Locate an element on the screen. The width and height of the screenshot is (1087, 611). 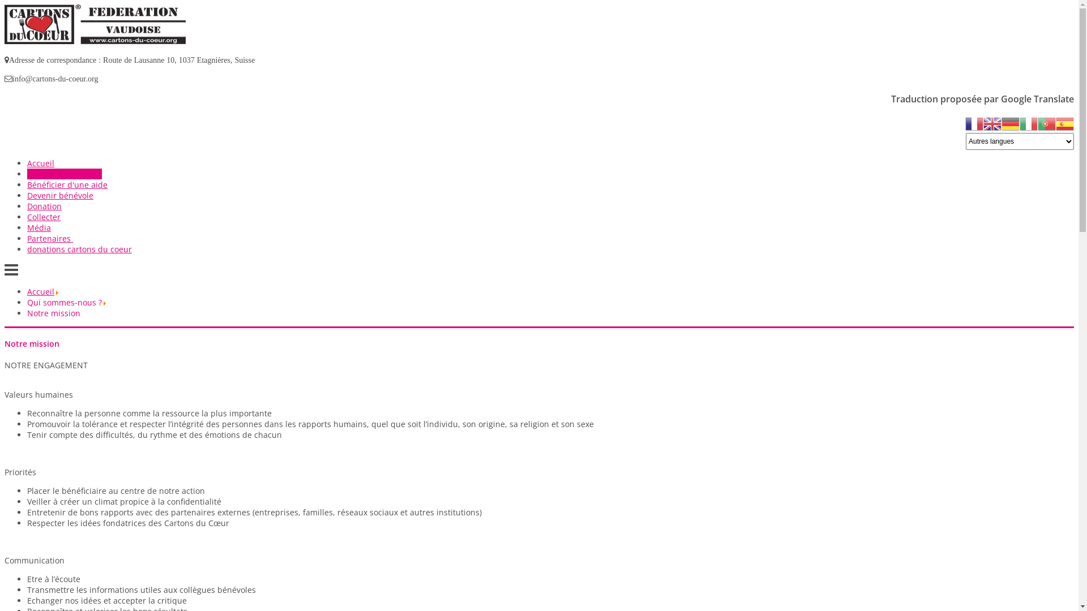
'Portuguese' is located at coordinates (1046, 123).